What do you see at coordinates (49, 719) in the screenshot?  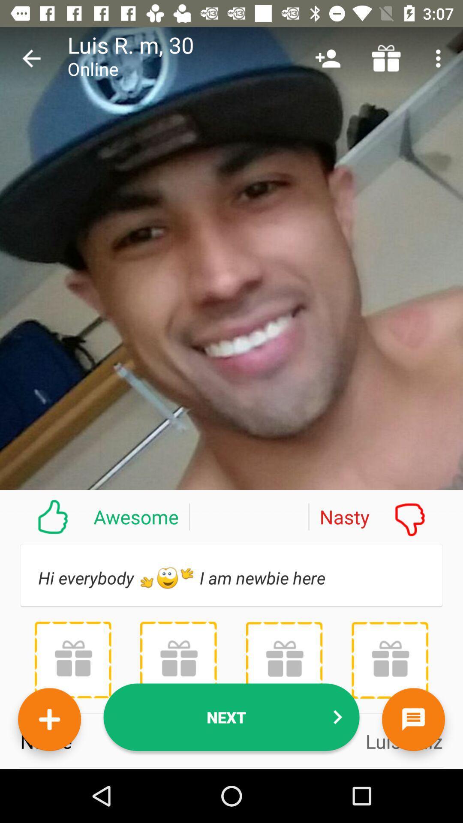 I see `to favorites` at bounding box center [49, 719].